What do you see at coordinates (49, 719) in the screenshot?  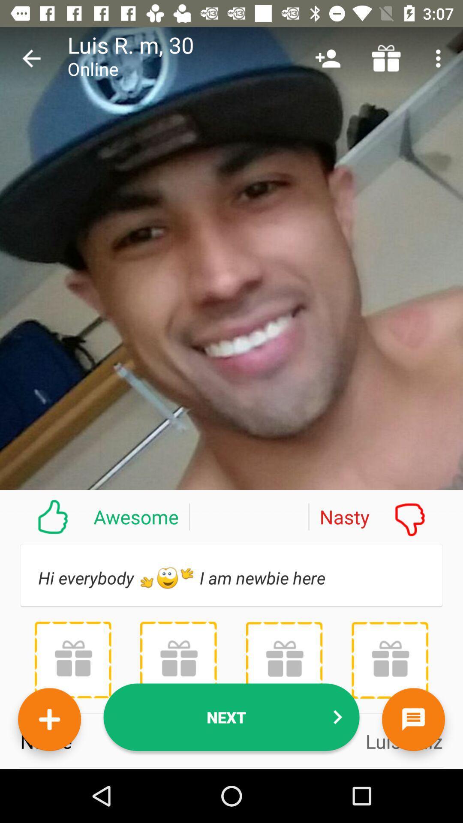 I see `to favorites` at bounding box center [49, 719].